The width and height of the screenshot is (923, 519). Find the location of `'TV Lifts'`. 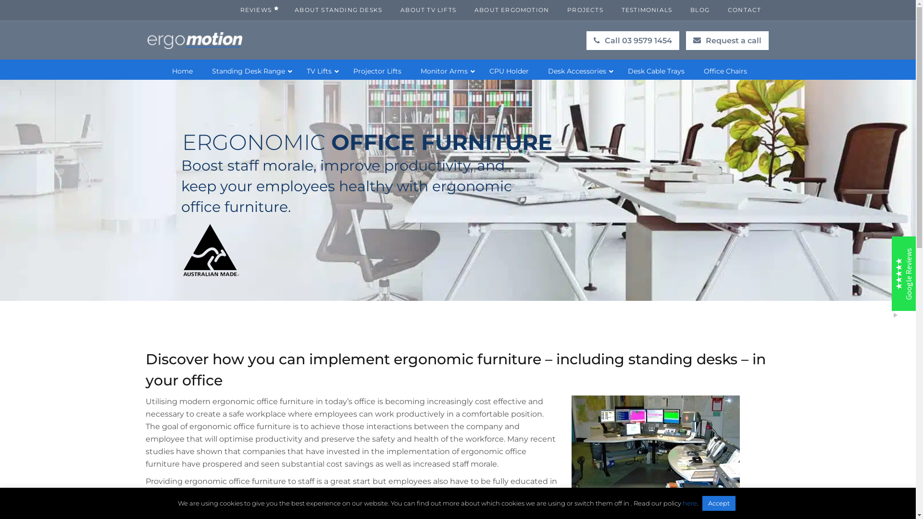

'TV Lifts' is located at coordinates (320, 70).